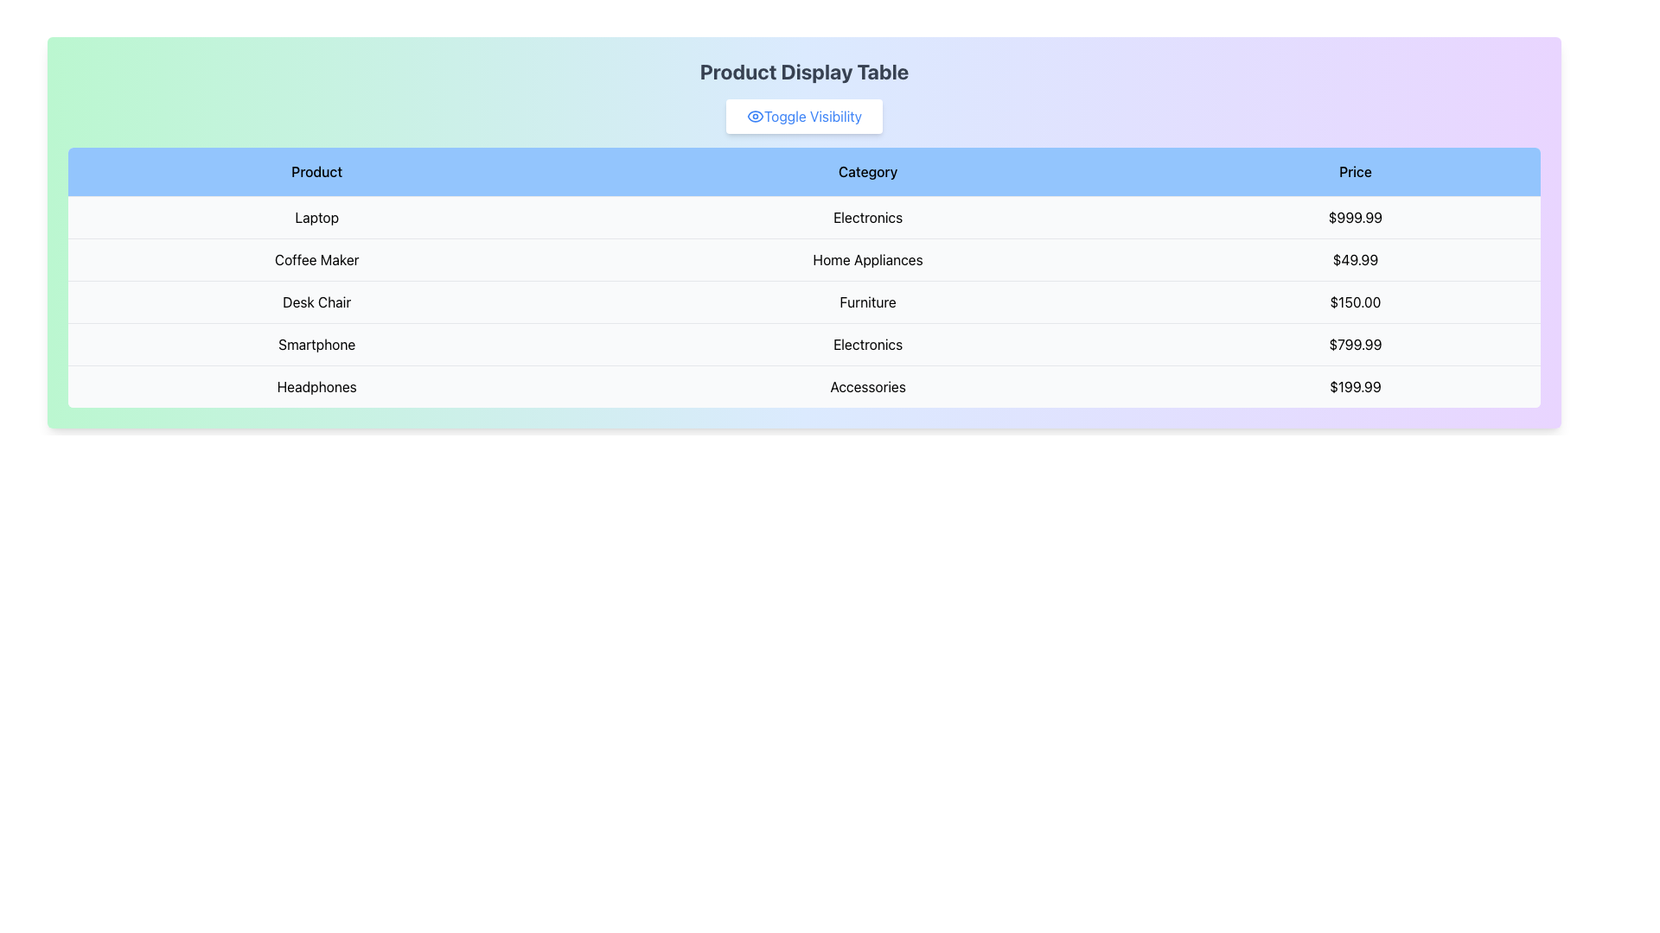  I want to click on the 'Category' text label, which is a bold label located in the header row of a table with a blue background, positioned between 'Product' and 'Price', so click(868, 172).